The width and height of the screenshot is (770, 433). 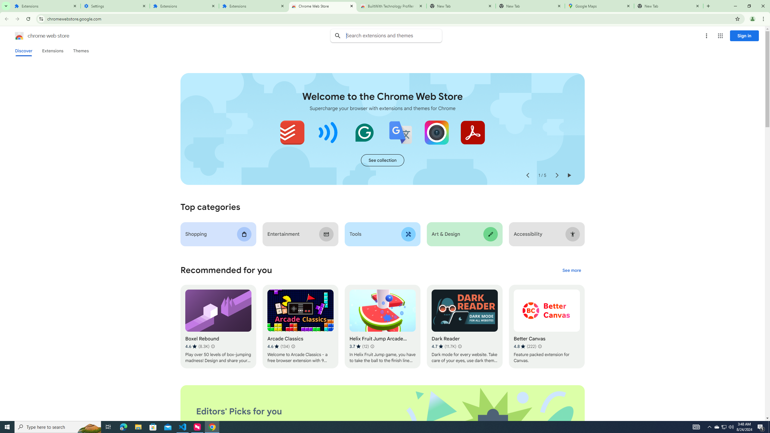 I want to click on 'Resume auto-play', so click(x=569, y=175).